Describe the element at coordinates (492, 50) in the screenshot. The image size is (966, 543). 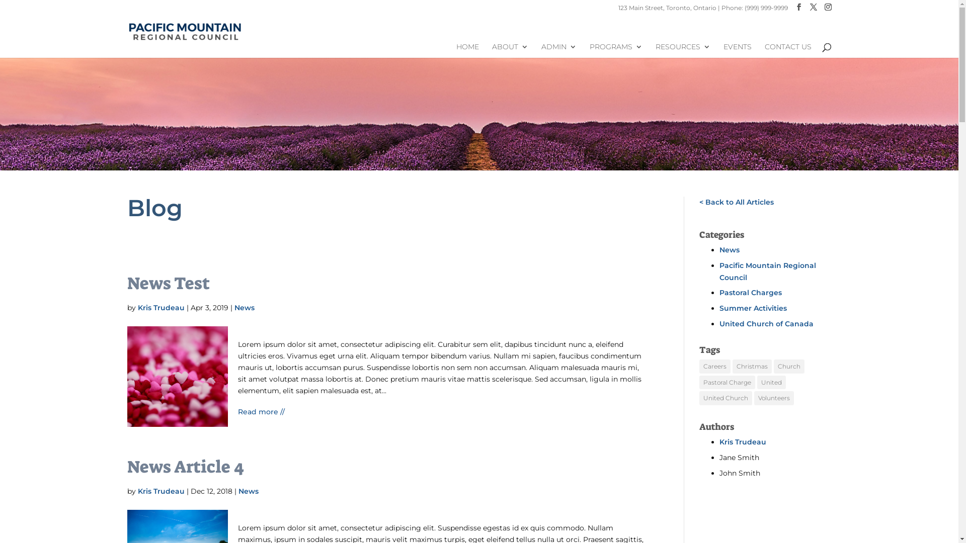
I see `'ABOUT'` at that location.